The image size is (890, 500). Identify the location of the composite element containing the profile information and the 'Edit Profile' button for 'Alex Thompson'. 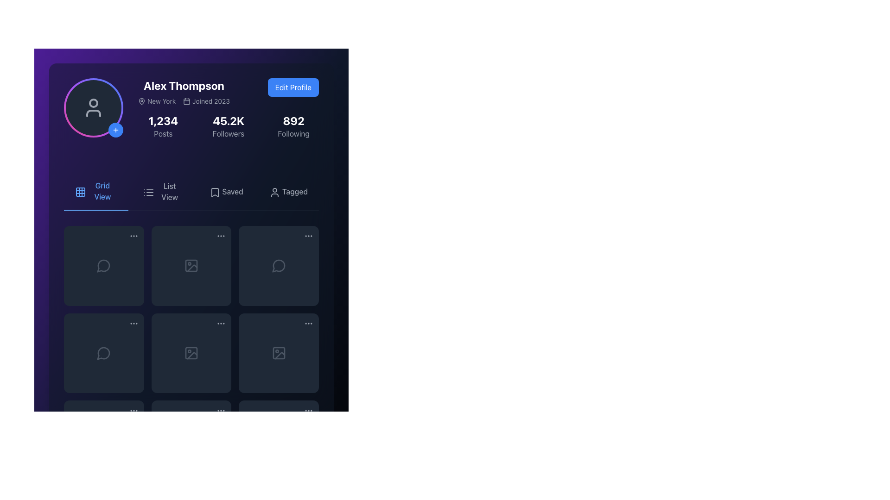
(229, 92).